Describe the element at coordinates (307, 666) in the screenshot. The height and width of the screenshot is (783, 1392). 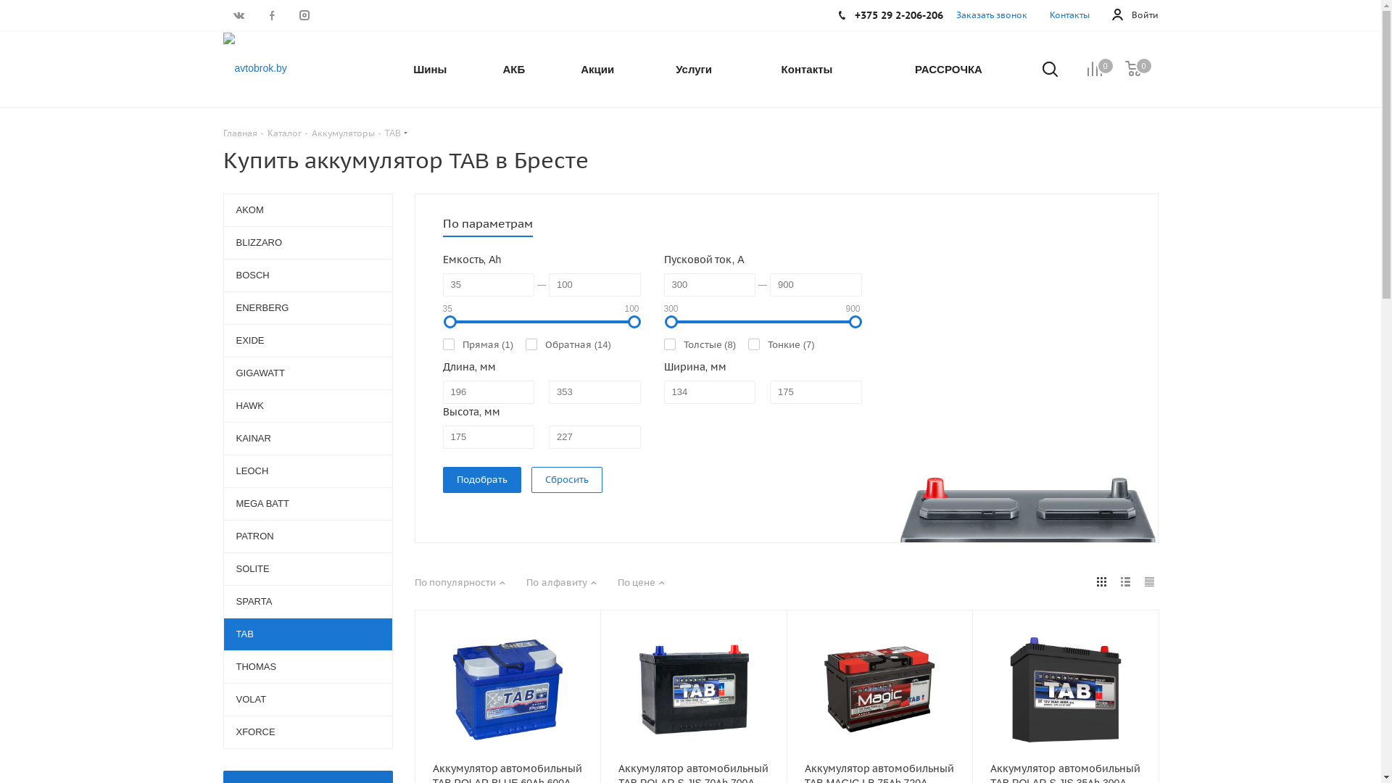
I see `'THOMAS'` at that location.